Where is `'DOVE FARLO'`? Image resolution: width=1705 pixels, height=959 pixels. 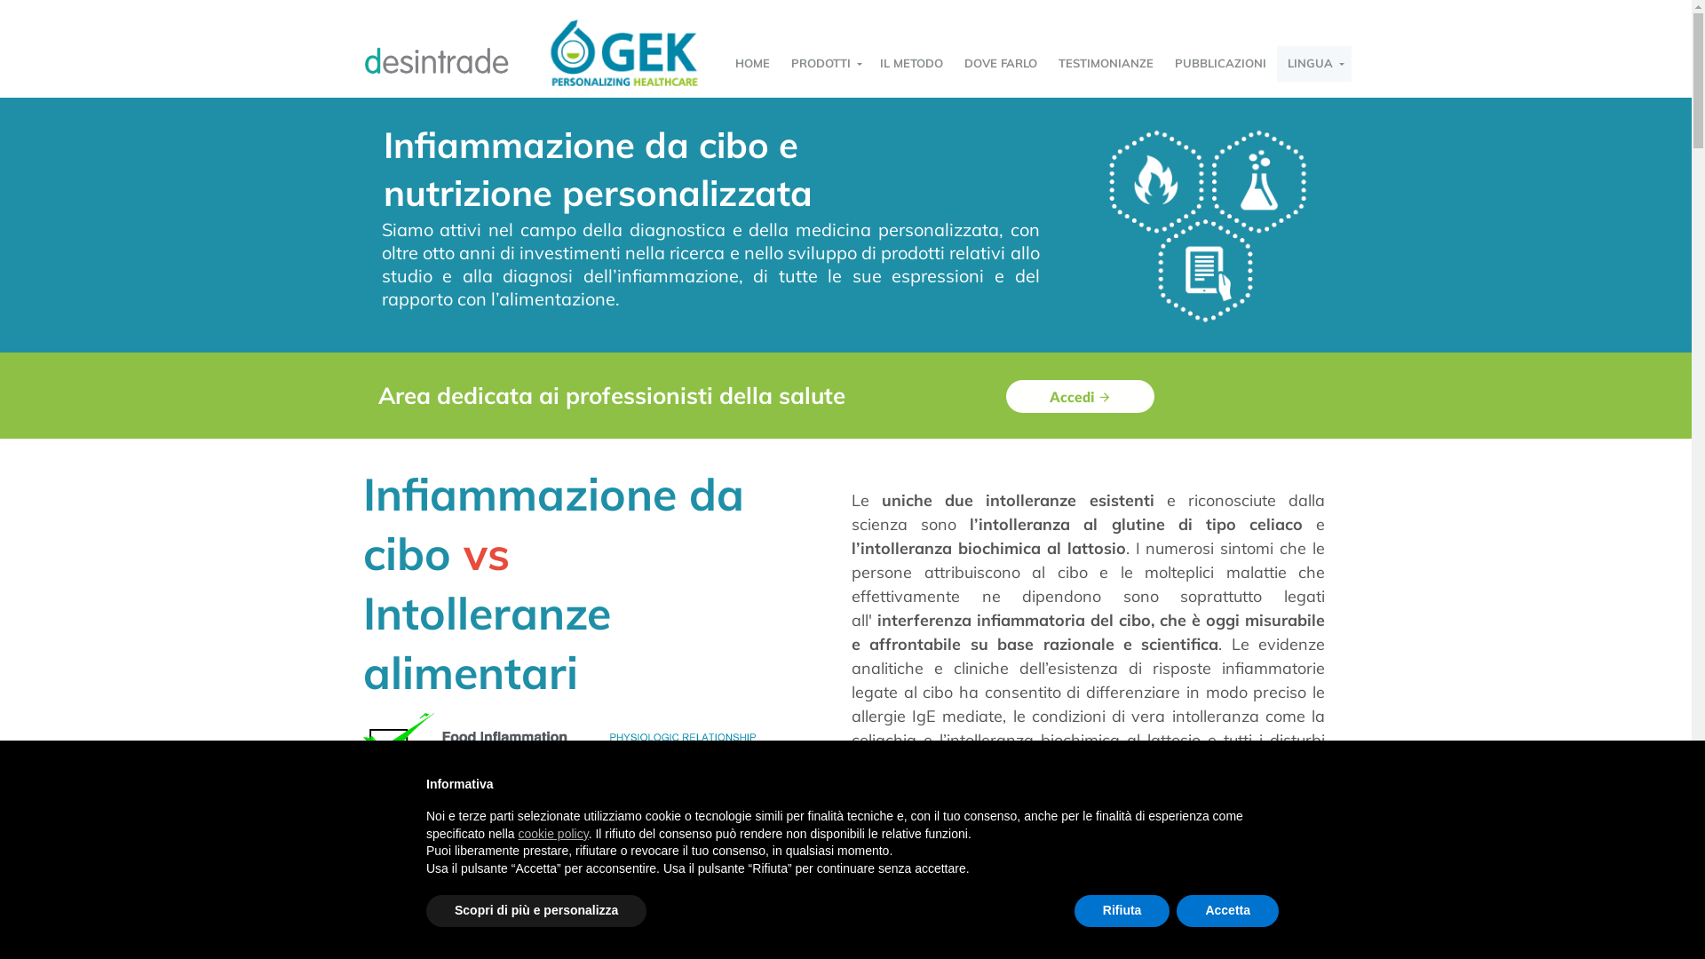 'DOVE FARLO' is located at coordinates (1001, 63).